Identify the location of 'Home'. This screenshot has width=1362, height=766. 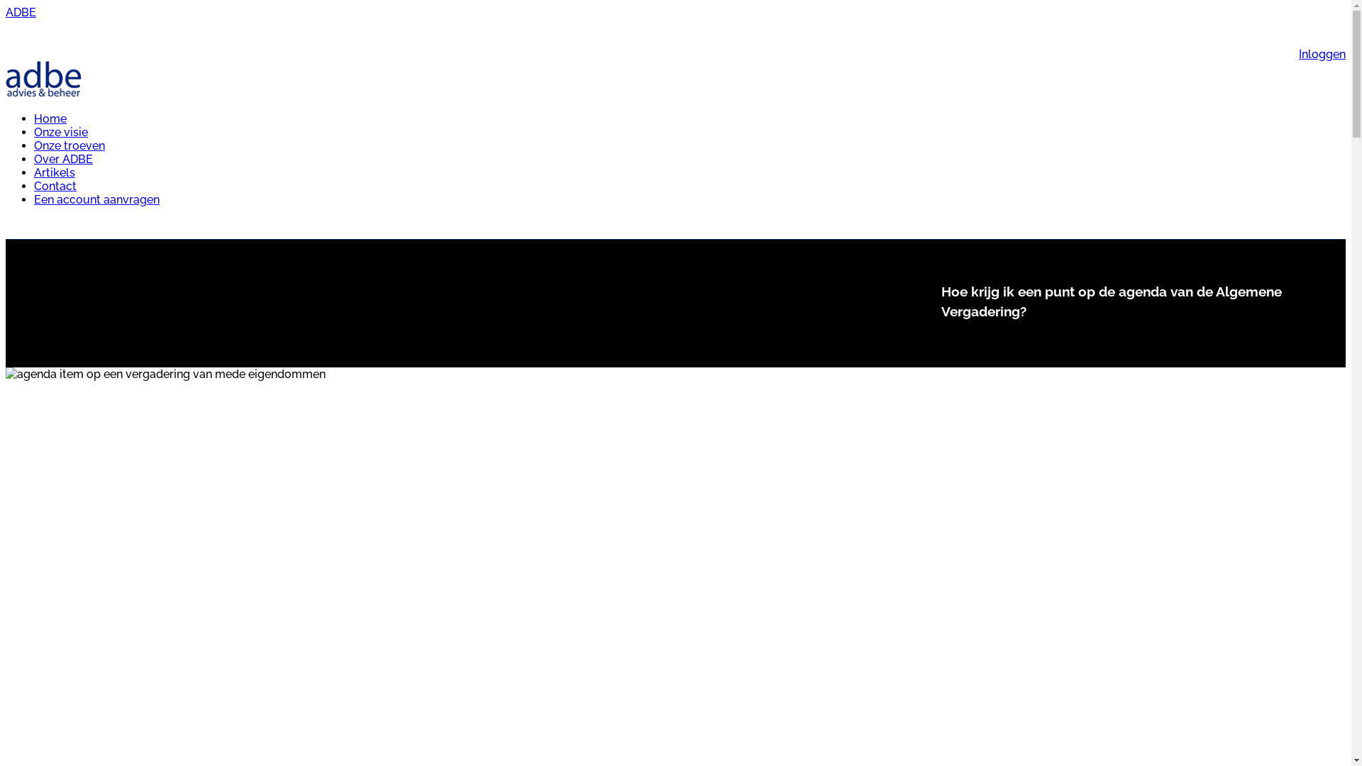
(34, 118).